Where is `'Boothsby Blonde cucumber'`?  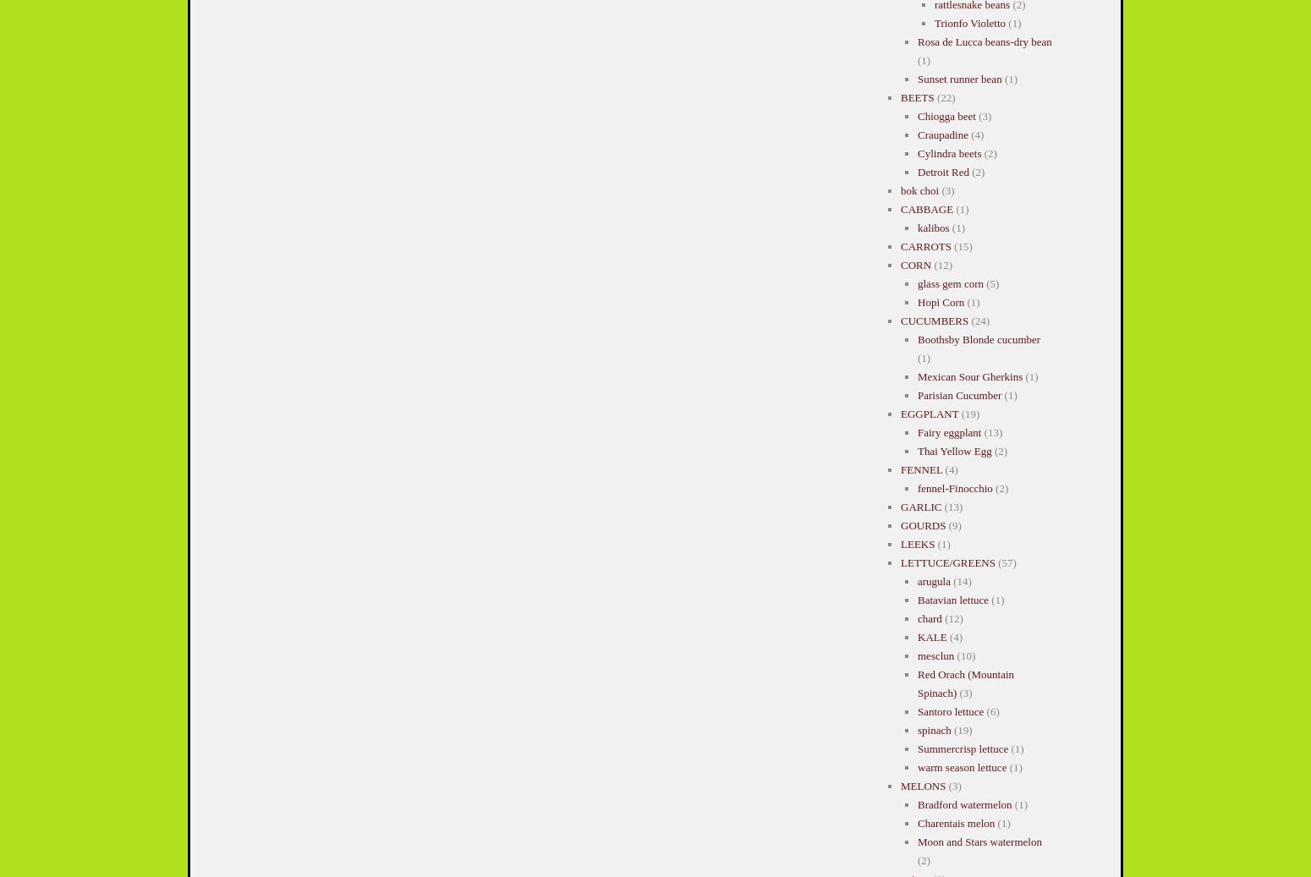 'Boothsby Blonde cucumber' is located at coordinates (918, 338).